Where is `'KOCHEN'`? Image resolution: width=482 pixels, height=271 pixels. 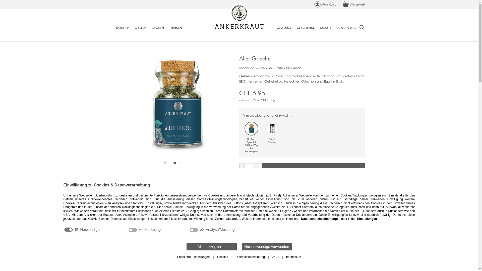 'KOCHEN' is located at coordinates (123, 28).